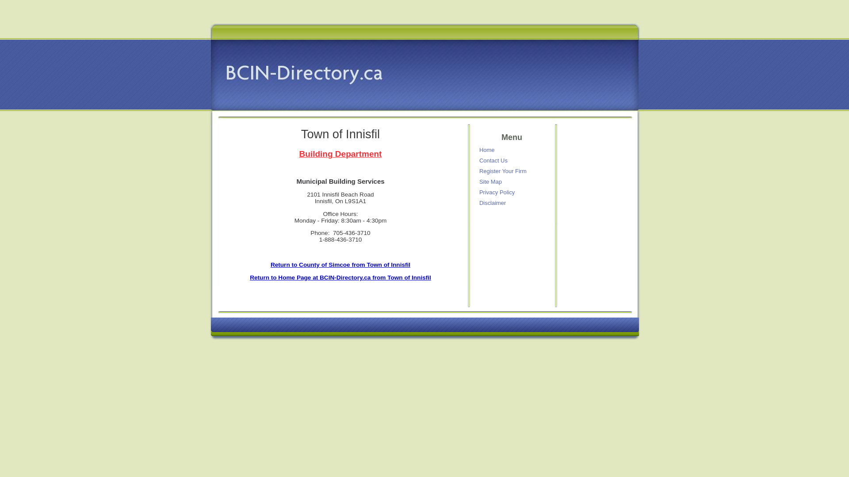 The image size is (849, 477). Describe the element at coordinates (513, 160) in the screenshot. I see `'Contact Us'` at that location.